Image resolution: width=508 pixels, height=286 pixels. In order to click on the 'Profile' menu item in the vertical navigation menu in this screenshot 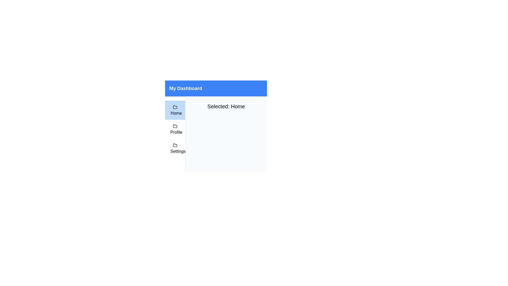, I will do `click(175, 129)`.